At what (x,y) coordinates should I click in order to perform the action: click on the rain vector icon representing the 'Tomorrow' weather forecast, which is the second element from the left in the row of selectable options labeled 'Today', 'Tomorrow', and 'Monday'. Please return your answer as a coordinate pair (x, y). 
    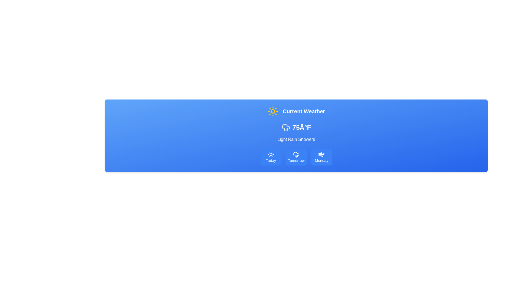
    Looking at the image, I should click on (296, 154).